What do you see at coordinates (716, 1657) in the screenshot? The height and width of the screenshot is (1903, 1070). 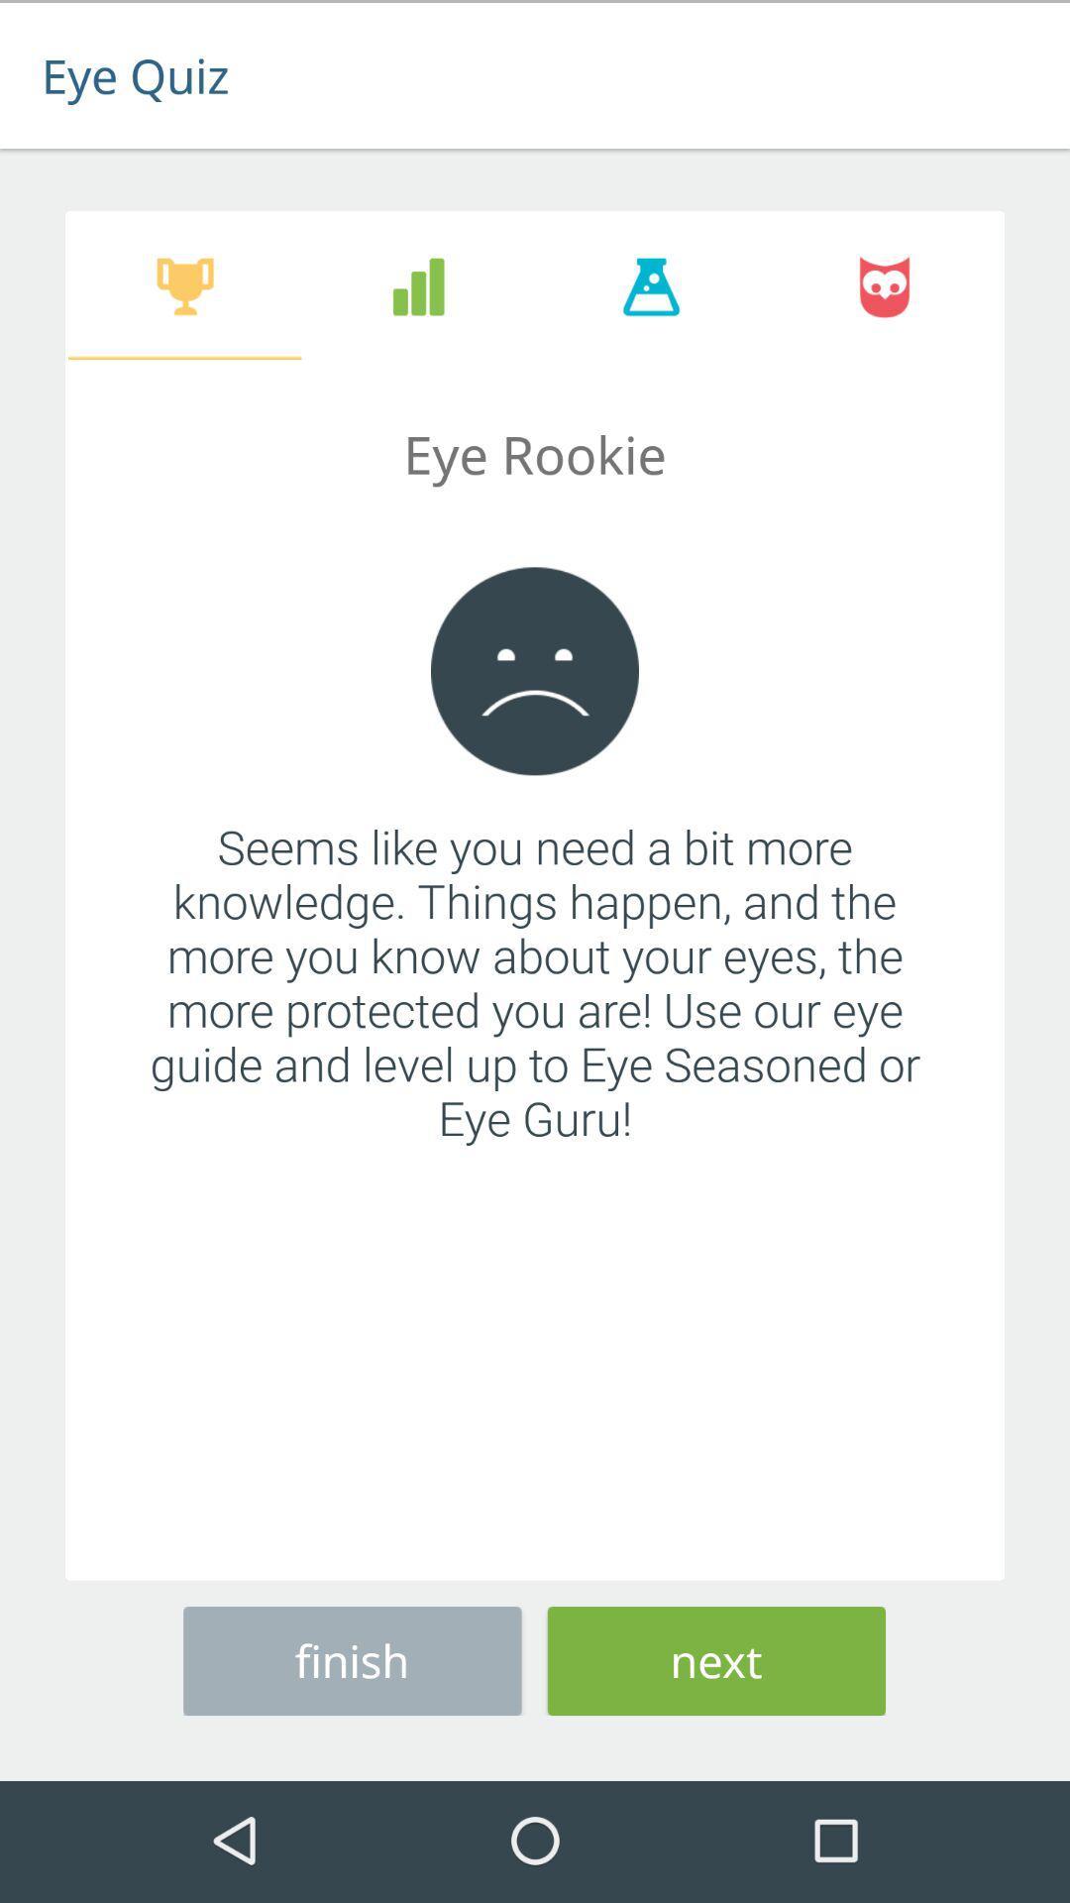 I see `item at the bottom right corner` at bounding box center [716, 1657].